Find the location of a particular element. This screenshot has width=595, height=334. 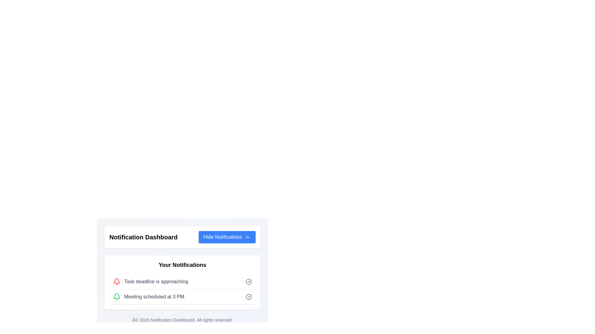

the first notification item which displays the message 'Task deadline is approaching' and includes a red bell icon and a checkmark icon for acknowledgment is located at coordinates (182, 282).